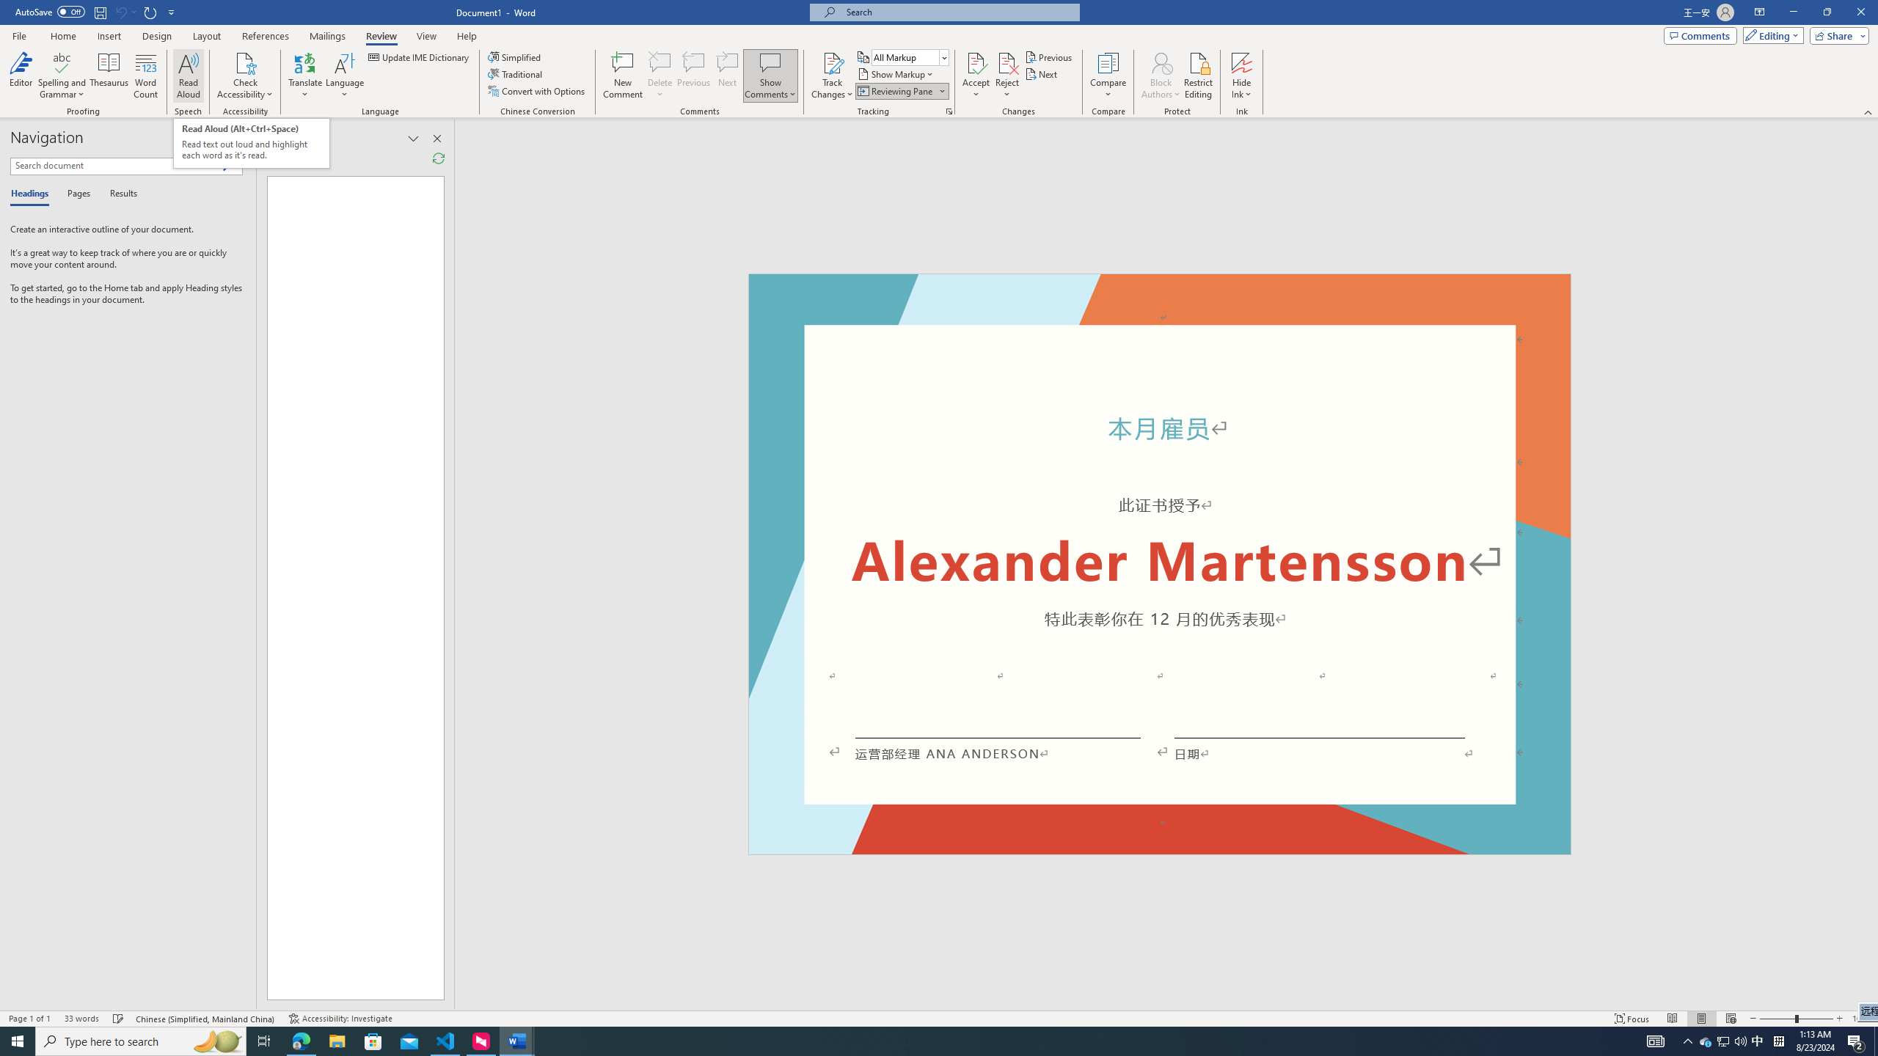 The image size is (1878, 1056). Describe the element at coordinates (18, 34) in the screenshot. I see `'File Tab'` at that location.